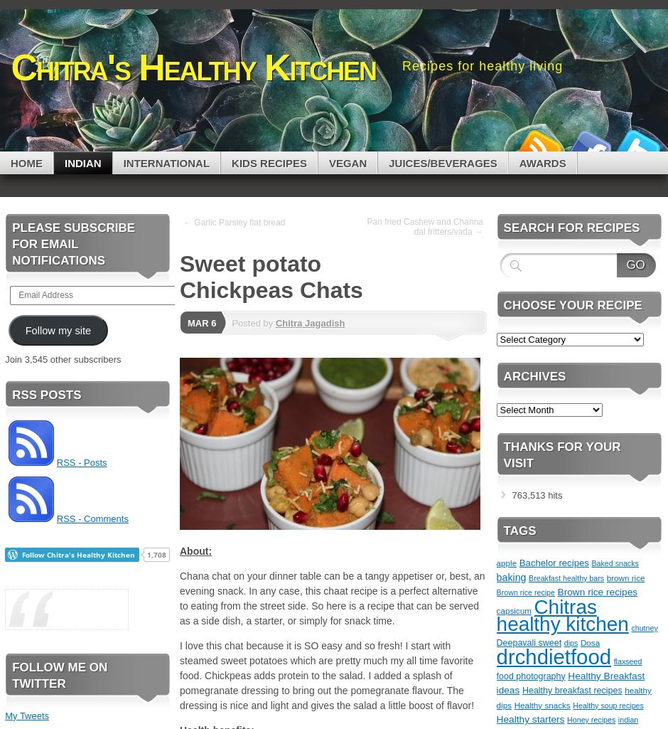 Image resolution: width=668 pixels, height=729 pixels. I want to click on 'Healthy soup recipes', so click(607, 703).